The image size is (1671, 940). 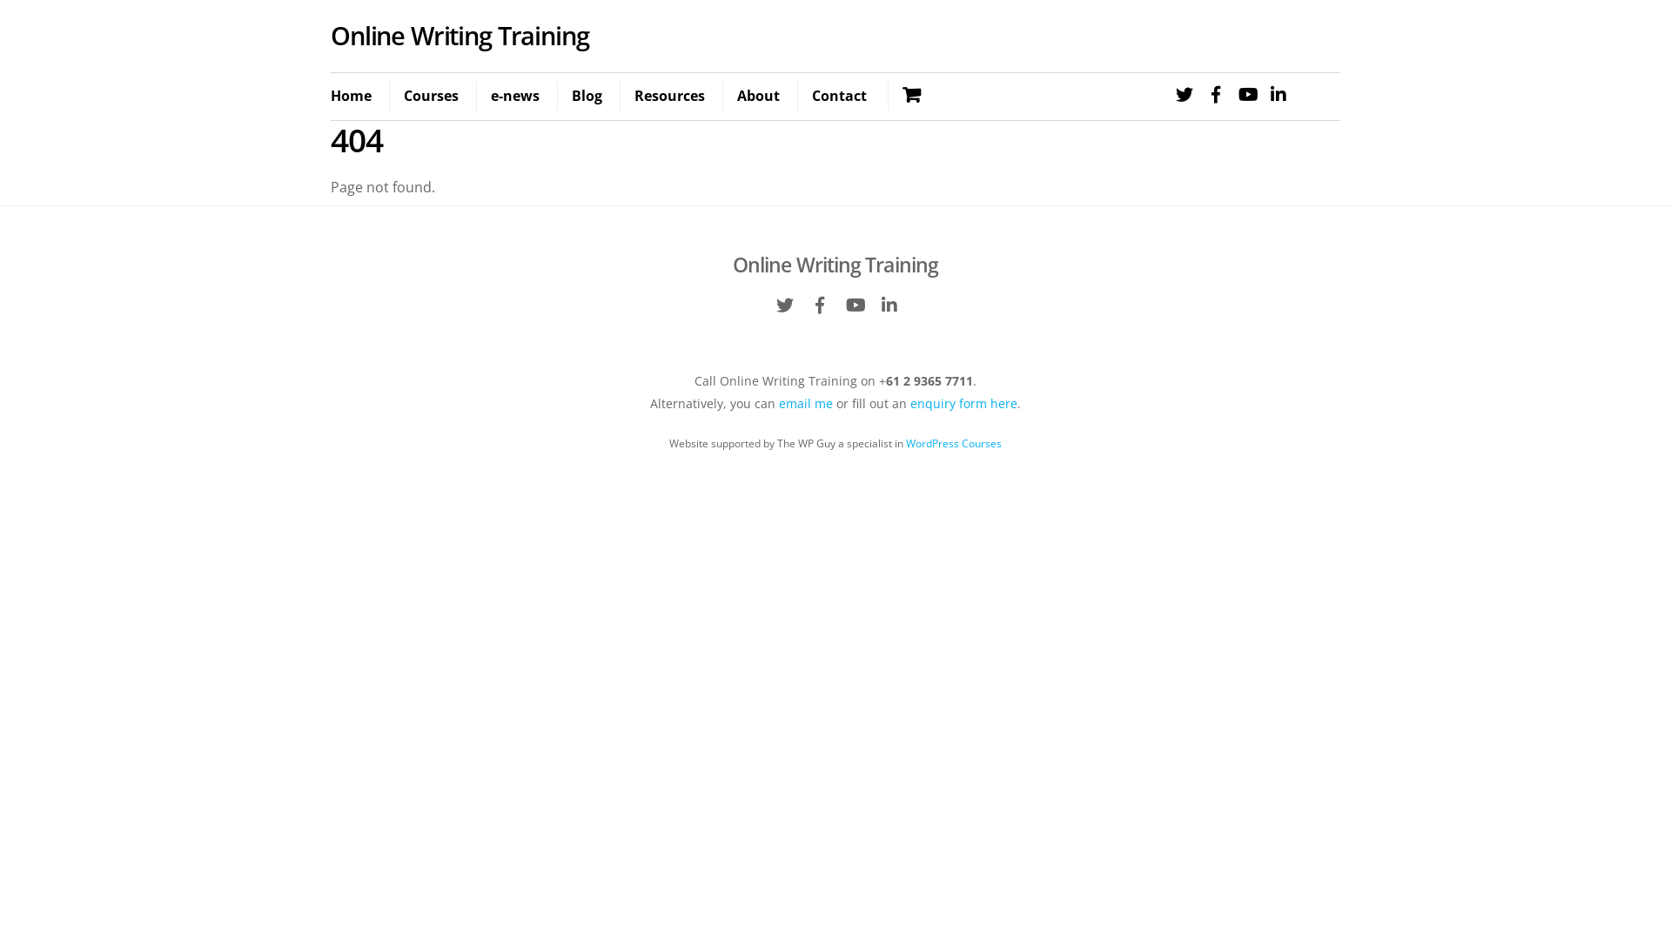 I want to click on 'Courses', so click(x=430, y=97).